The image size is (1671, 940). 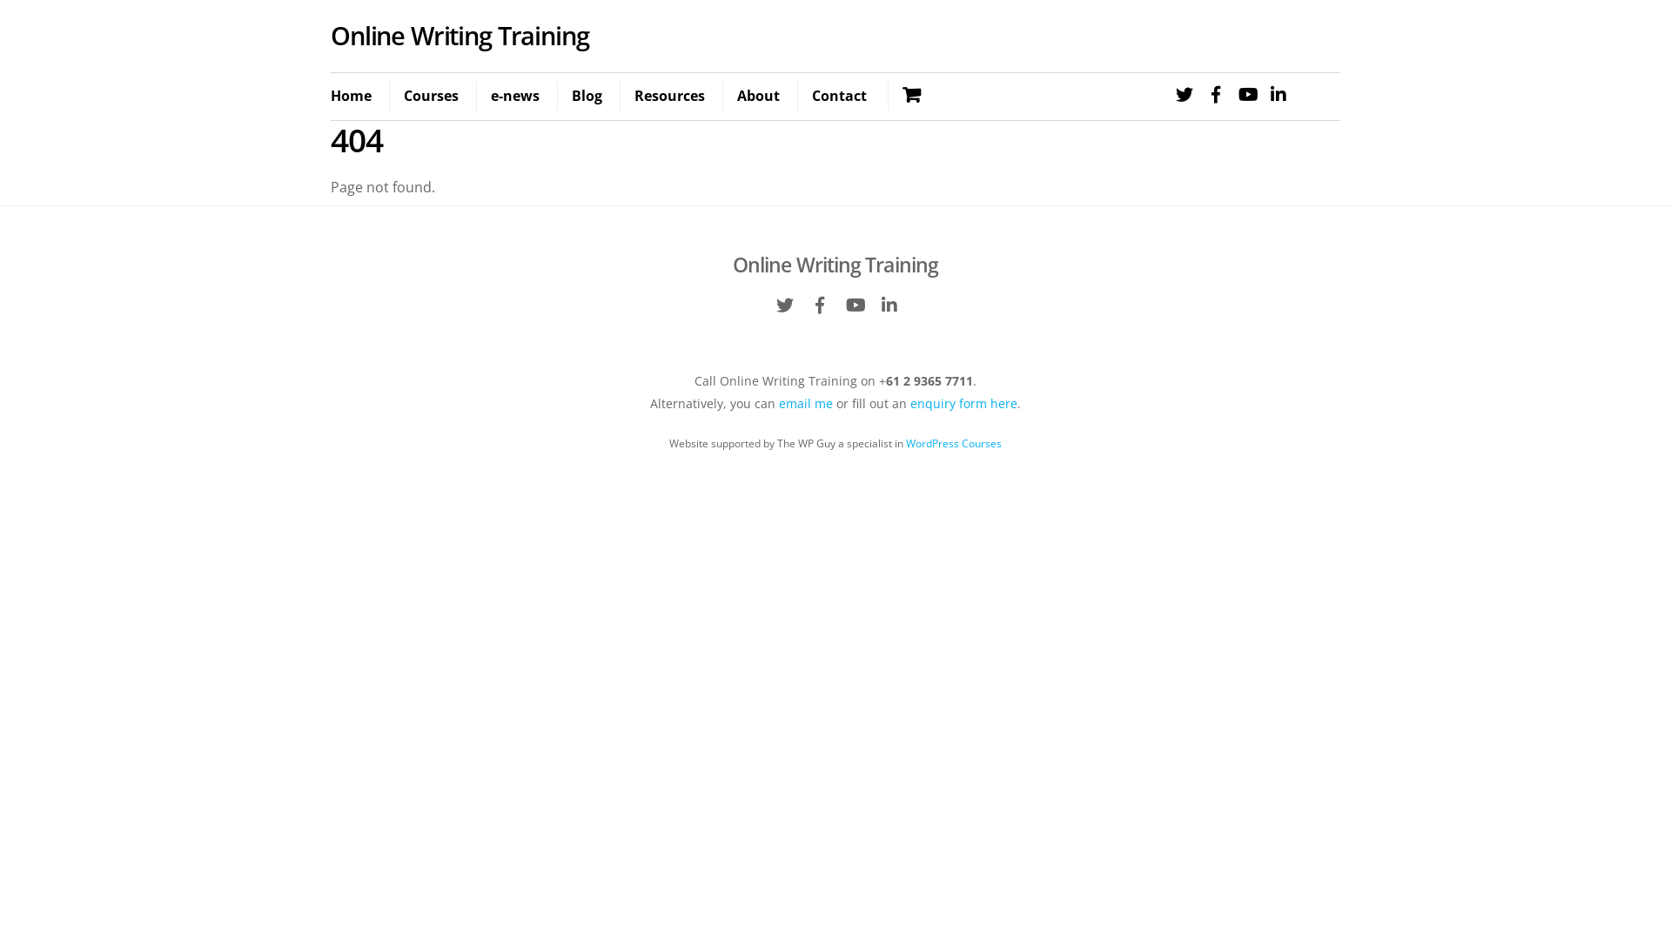 I want to click on 'Courses', so click(x=430, y=97).